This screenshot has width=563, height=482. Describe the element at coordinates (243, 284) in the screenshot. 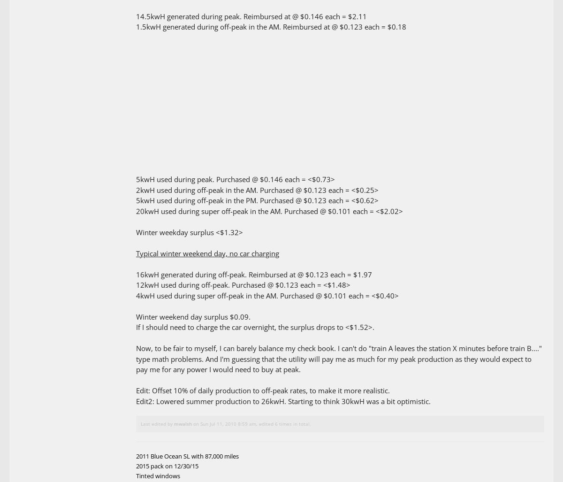

I see `'12kwH used during off-peak. Purchased @ $0.123 each = <$1.48>'` at that location.